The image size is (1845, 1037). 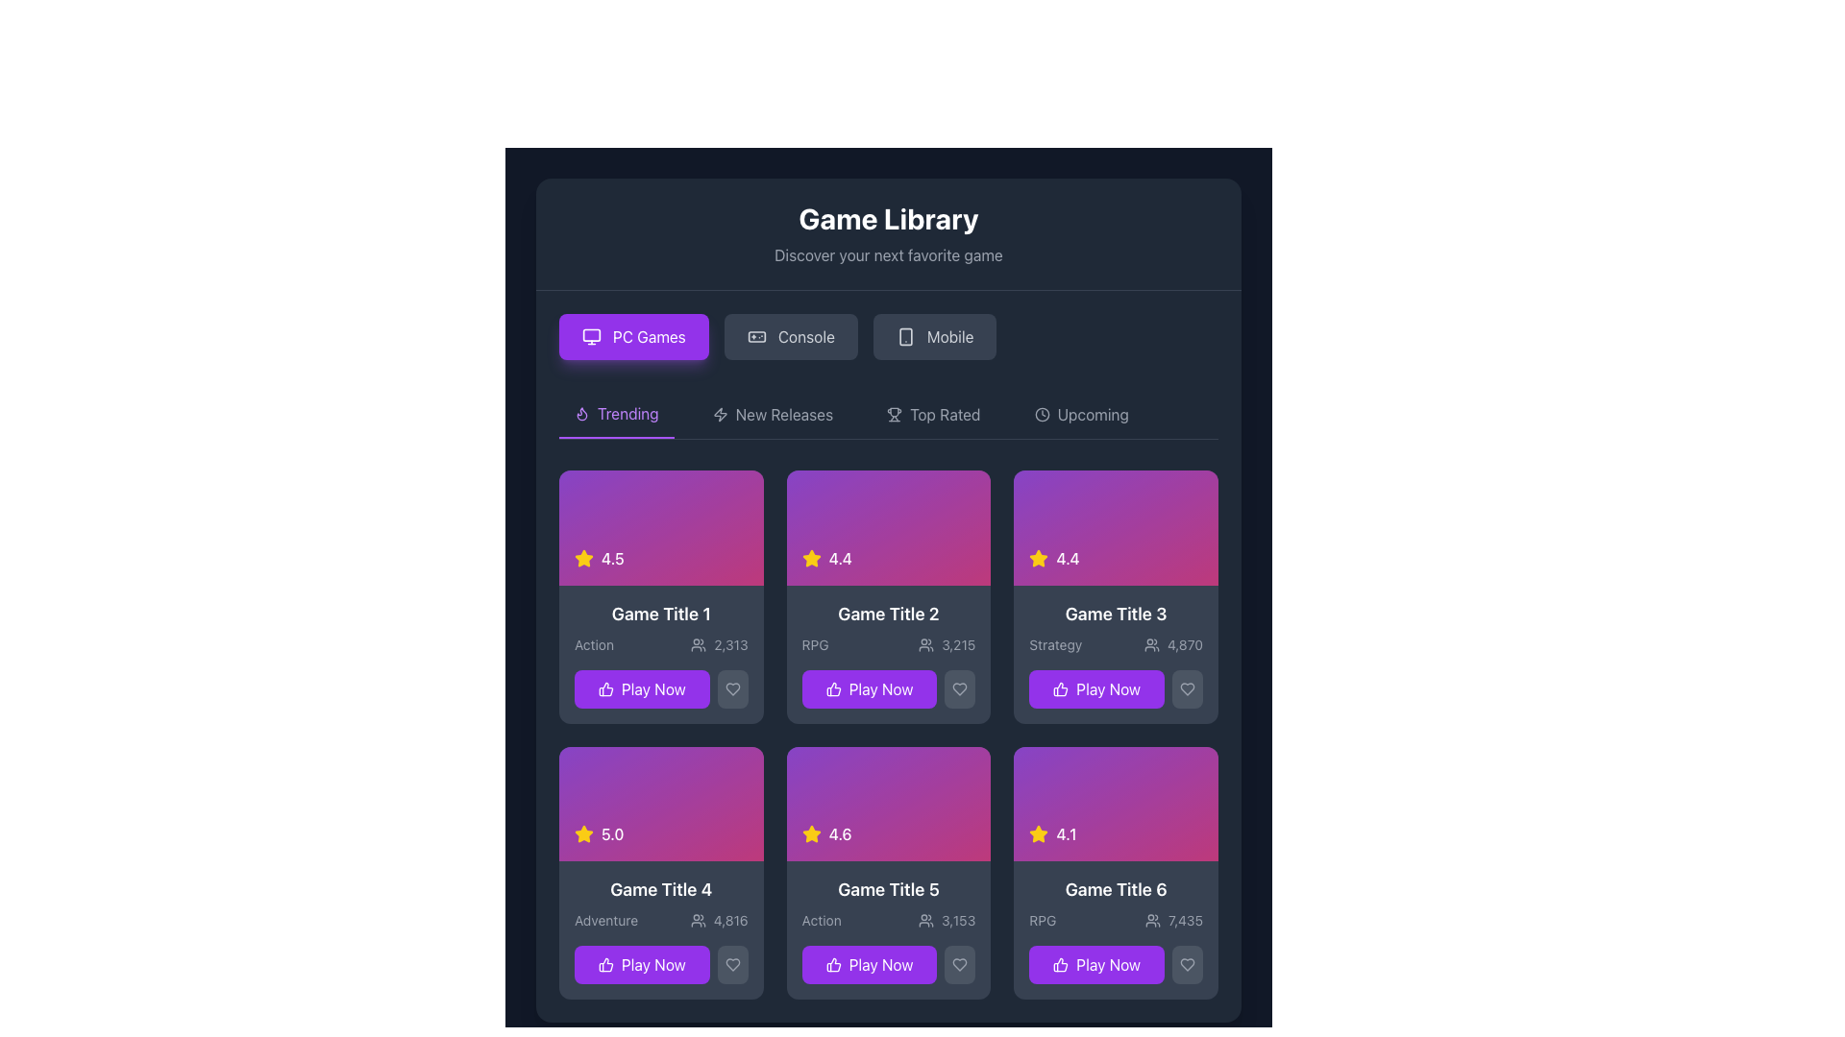 What do you see at coordinates (1060, 965) in the screenshot?
I see `the 'Play Now' button containing the thumbs up icon located at the bottom right corner of the game card for 'Game Title 6'` at bounding box center [1060, 965].